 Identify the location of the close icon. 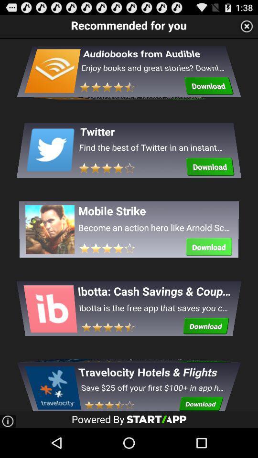
(247, 28).